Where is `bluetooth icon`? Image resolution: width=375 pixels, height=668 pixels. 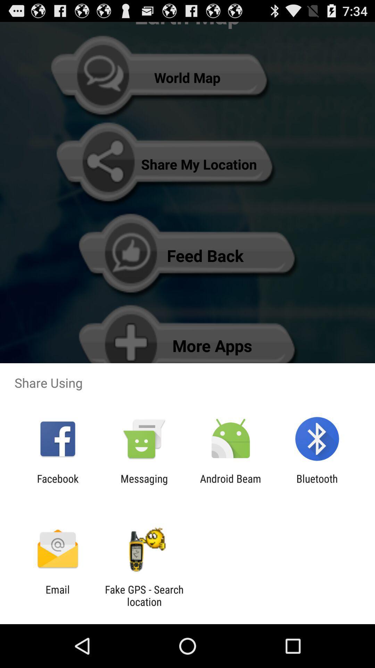
bluetooth icon is located at coordinates (317, 484).